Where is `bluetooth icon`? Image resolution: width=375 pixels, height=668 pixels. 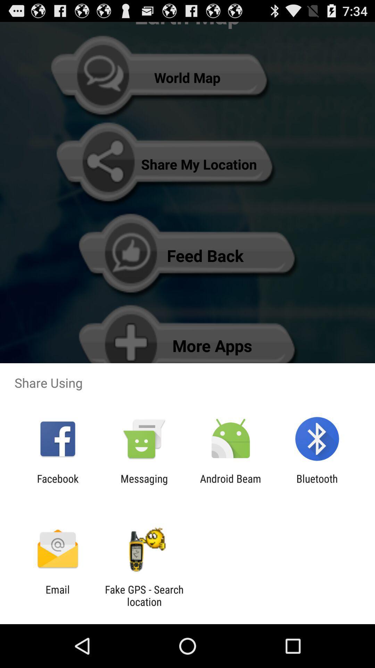
bluetooth icon is located at coordinates (317, 484).